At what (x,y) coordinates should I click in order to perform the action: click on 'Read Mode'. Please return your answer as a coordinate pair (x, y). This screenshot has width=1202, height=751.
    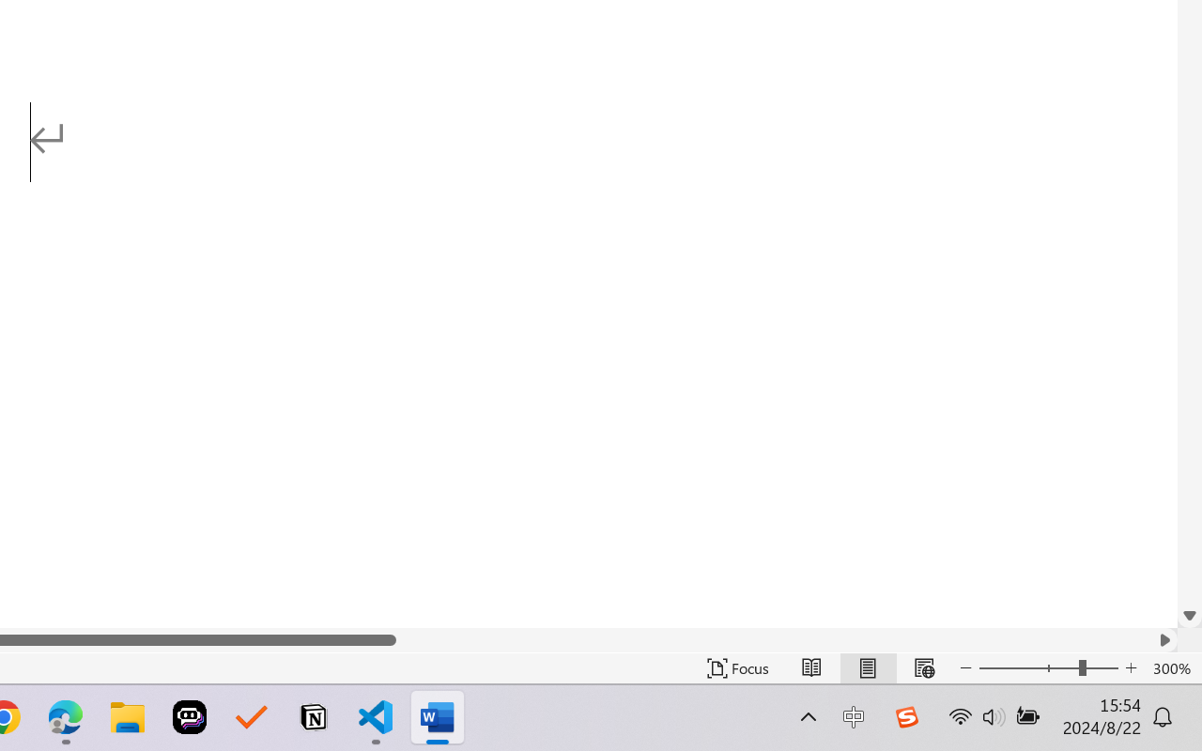
    Looking at the image, I should click on (811, 667).